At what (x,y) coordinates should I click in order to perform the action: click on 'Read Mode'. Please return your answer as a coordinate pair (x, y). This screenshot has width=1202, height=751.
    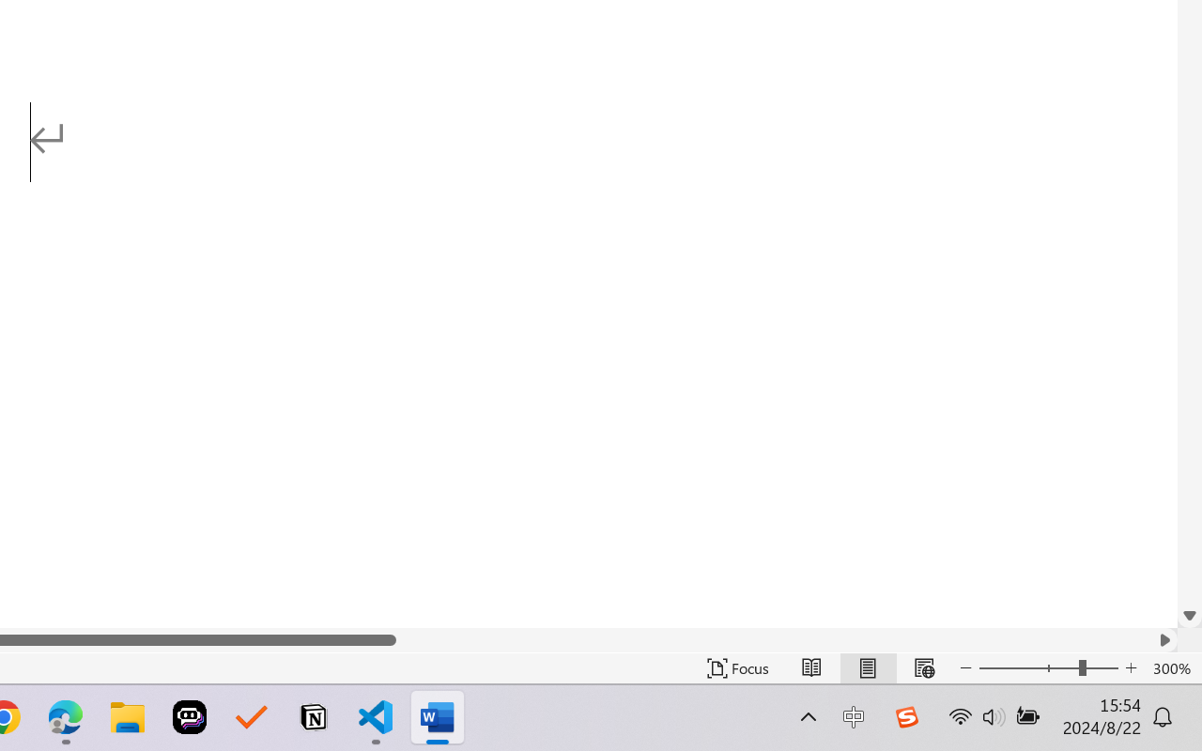
    Looking at the image, I should click on (811, 667).